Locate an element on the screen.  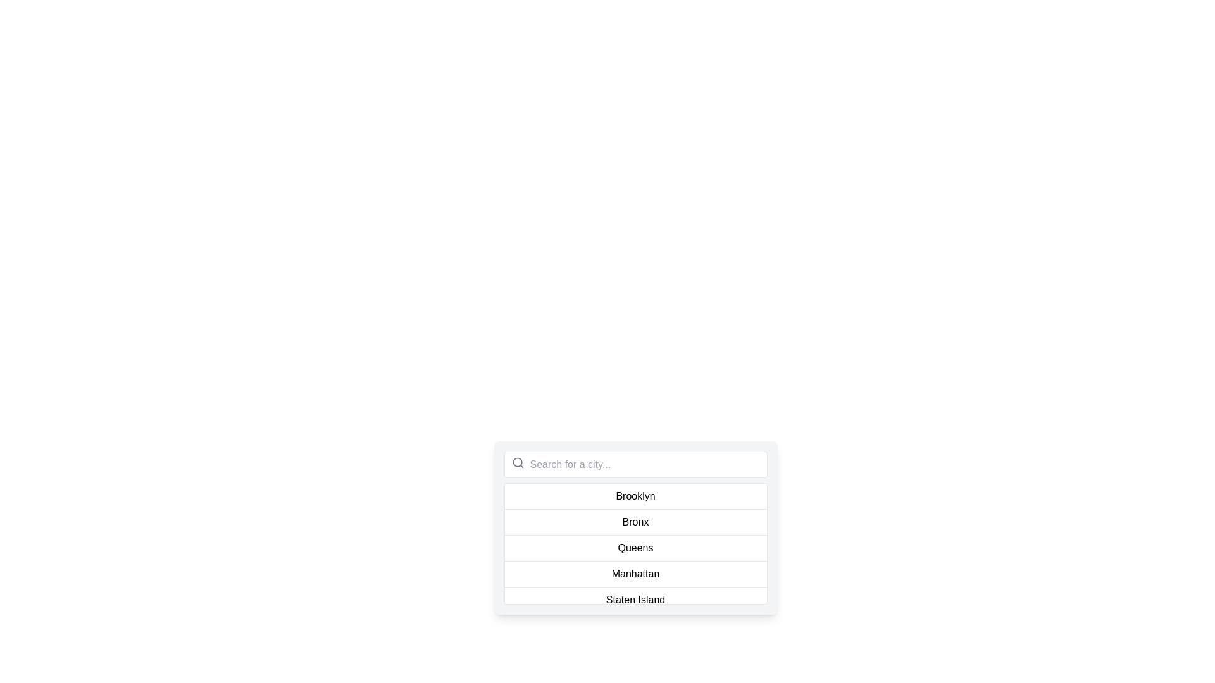
the list item labeled 'Brooklyn' in the dropdown menu is located at coordinates (635, 496).